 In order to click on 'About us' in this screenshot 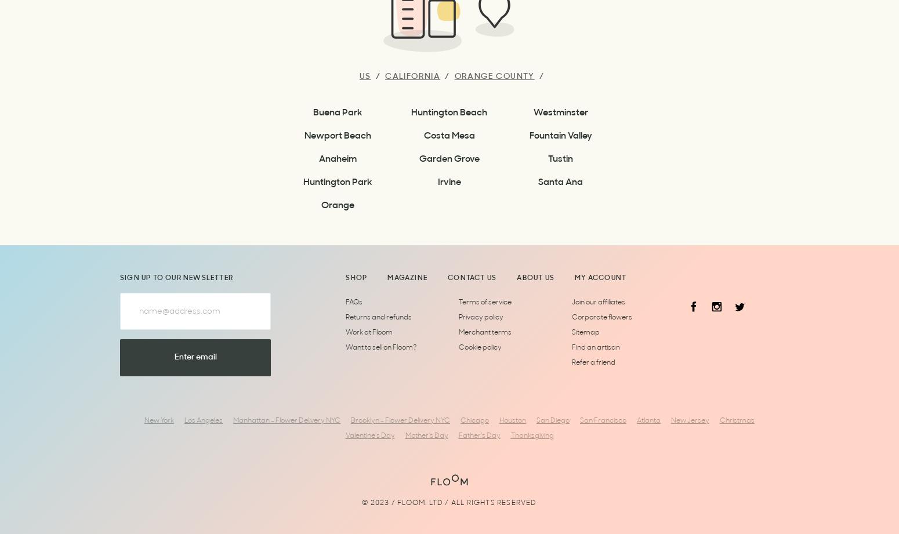, I will do `click(516, 278)`.